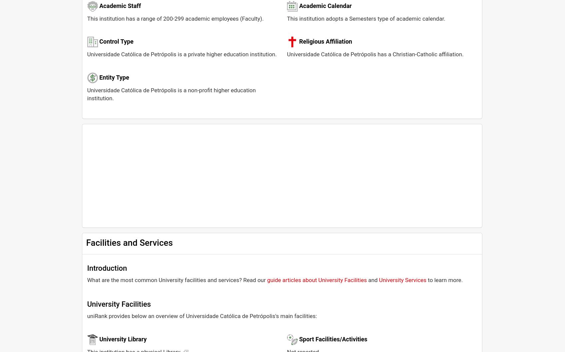 This screenshot has height=352, width=565. I want to click on 'This institution has a range of 200-299 academic employees (Faculty).', so click(175, 18).